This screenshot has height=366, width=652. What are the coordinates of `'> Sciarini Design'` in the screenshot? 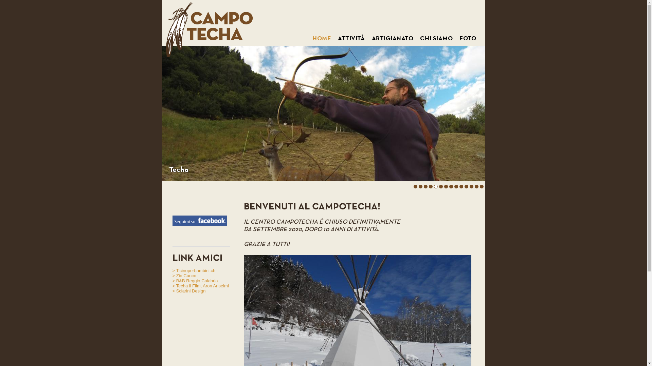 It's located at (189, 290).